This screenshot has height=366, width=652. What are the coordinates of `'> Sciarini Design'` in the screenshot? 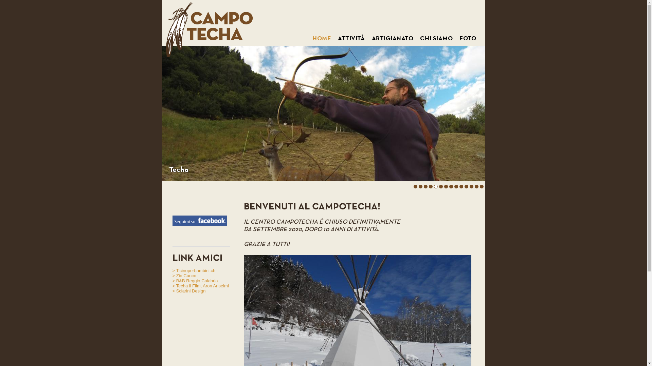 It's located at (189, 290).